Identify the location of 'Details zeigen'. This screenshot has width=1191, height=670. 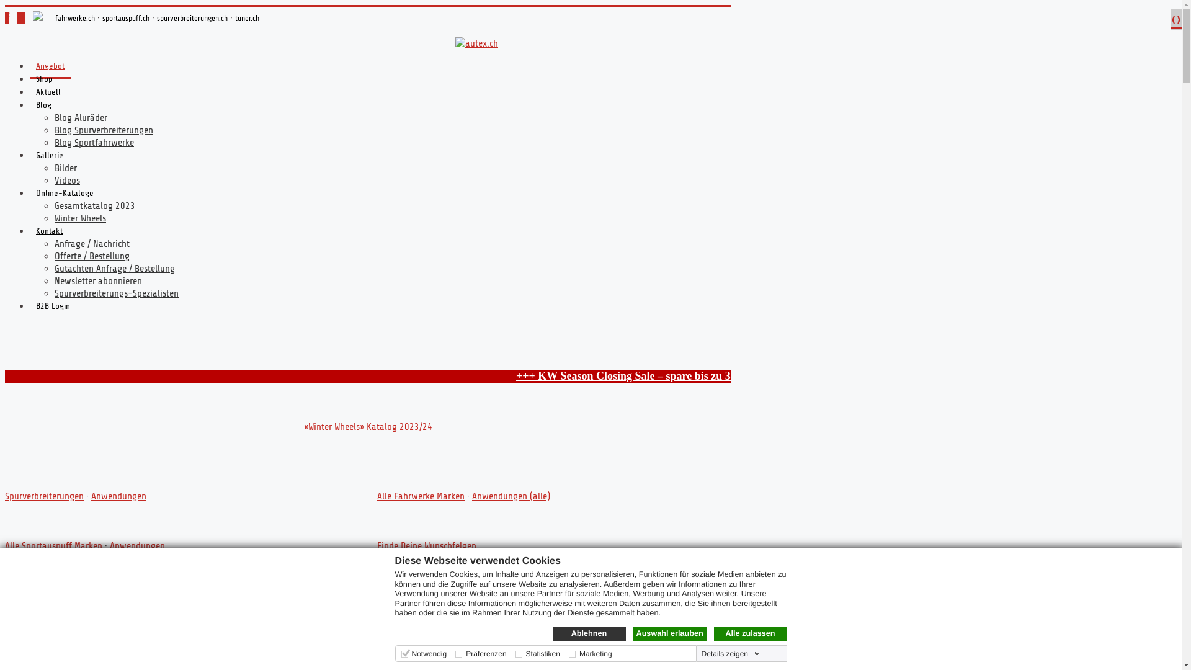
(731, 653).